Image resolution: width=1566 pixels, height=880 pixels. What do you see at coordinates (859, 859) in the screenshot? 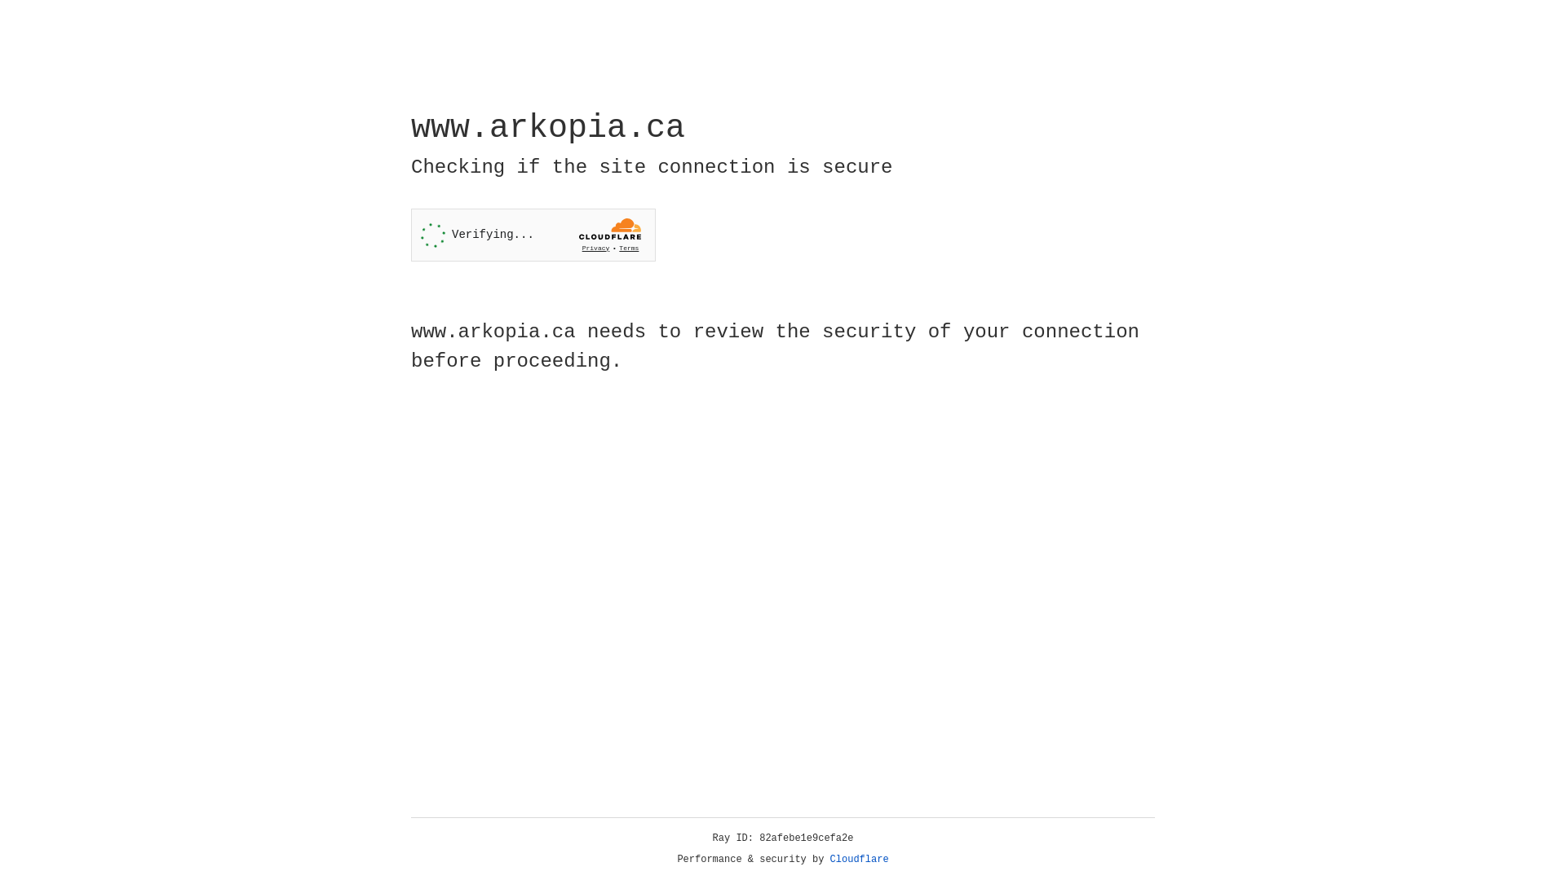
I see `'Cloudflare'` at bounding box center [859, 859].